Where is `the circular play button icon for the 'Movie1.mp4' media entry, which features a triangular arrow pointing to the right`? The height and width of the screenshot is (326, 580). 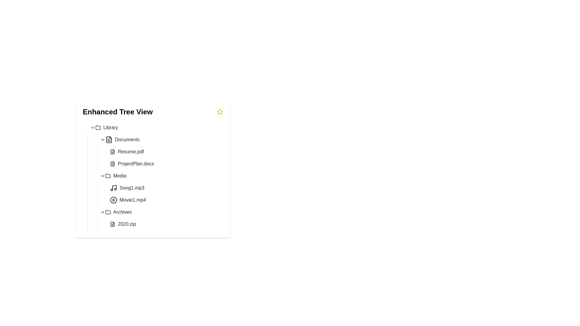 the circular play button icon for the 'Movie1.mp4' media entry, which features a triangular arrow pointing to the right is located at coordinates (113, 200).